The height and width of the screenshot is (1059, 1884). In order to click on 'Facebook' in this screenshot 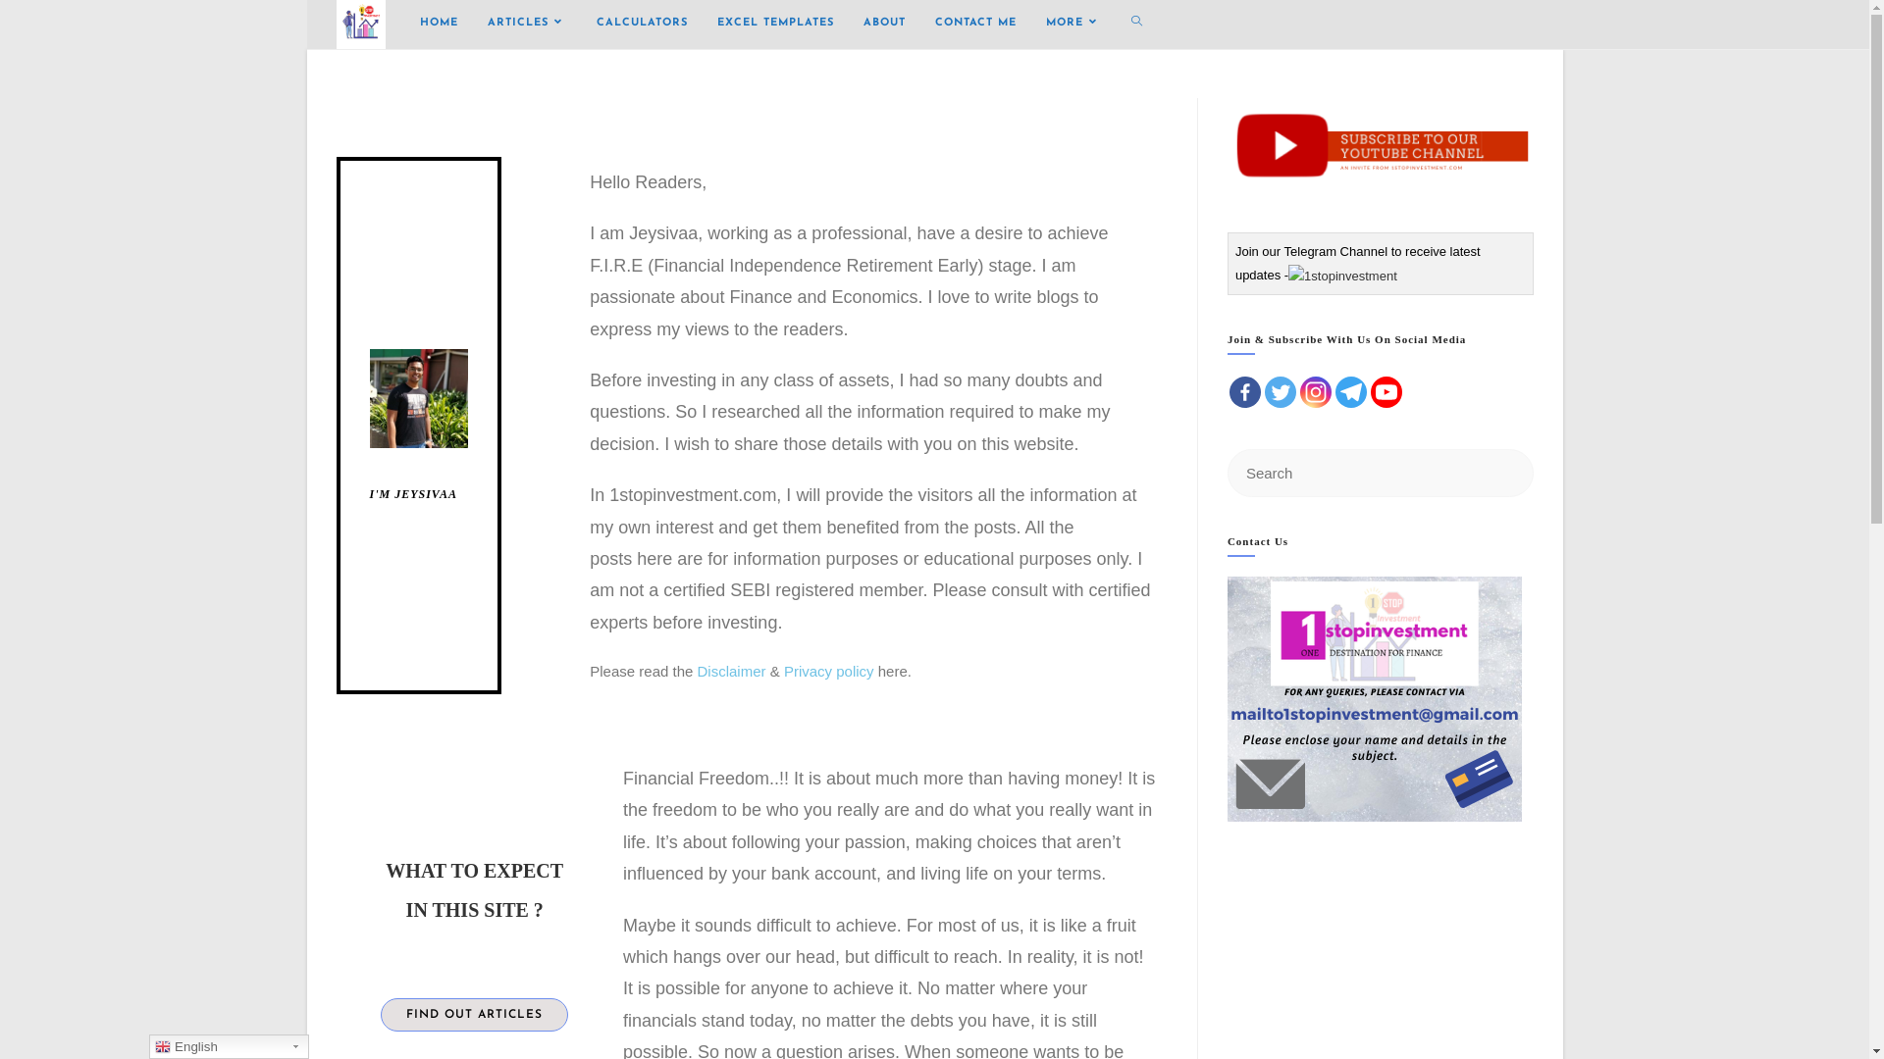, I will do `click(1243, 392)`.